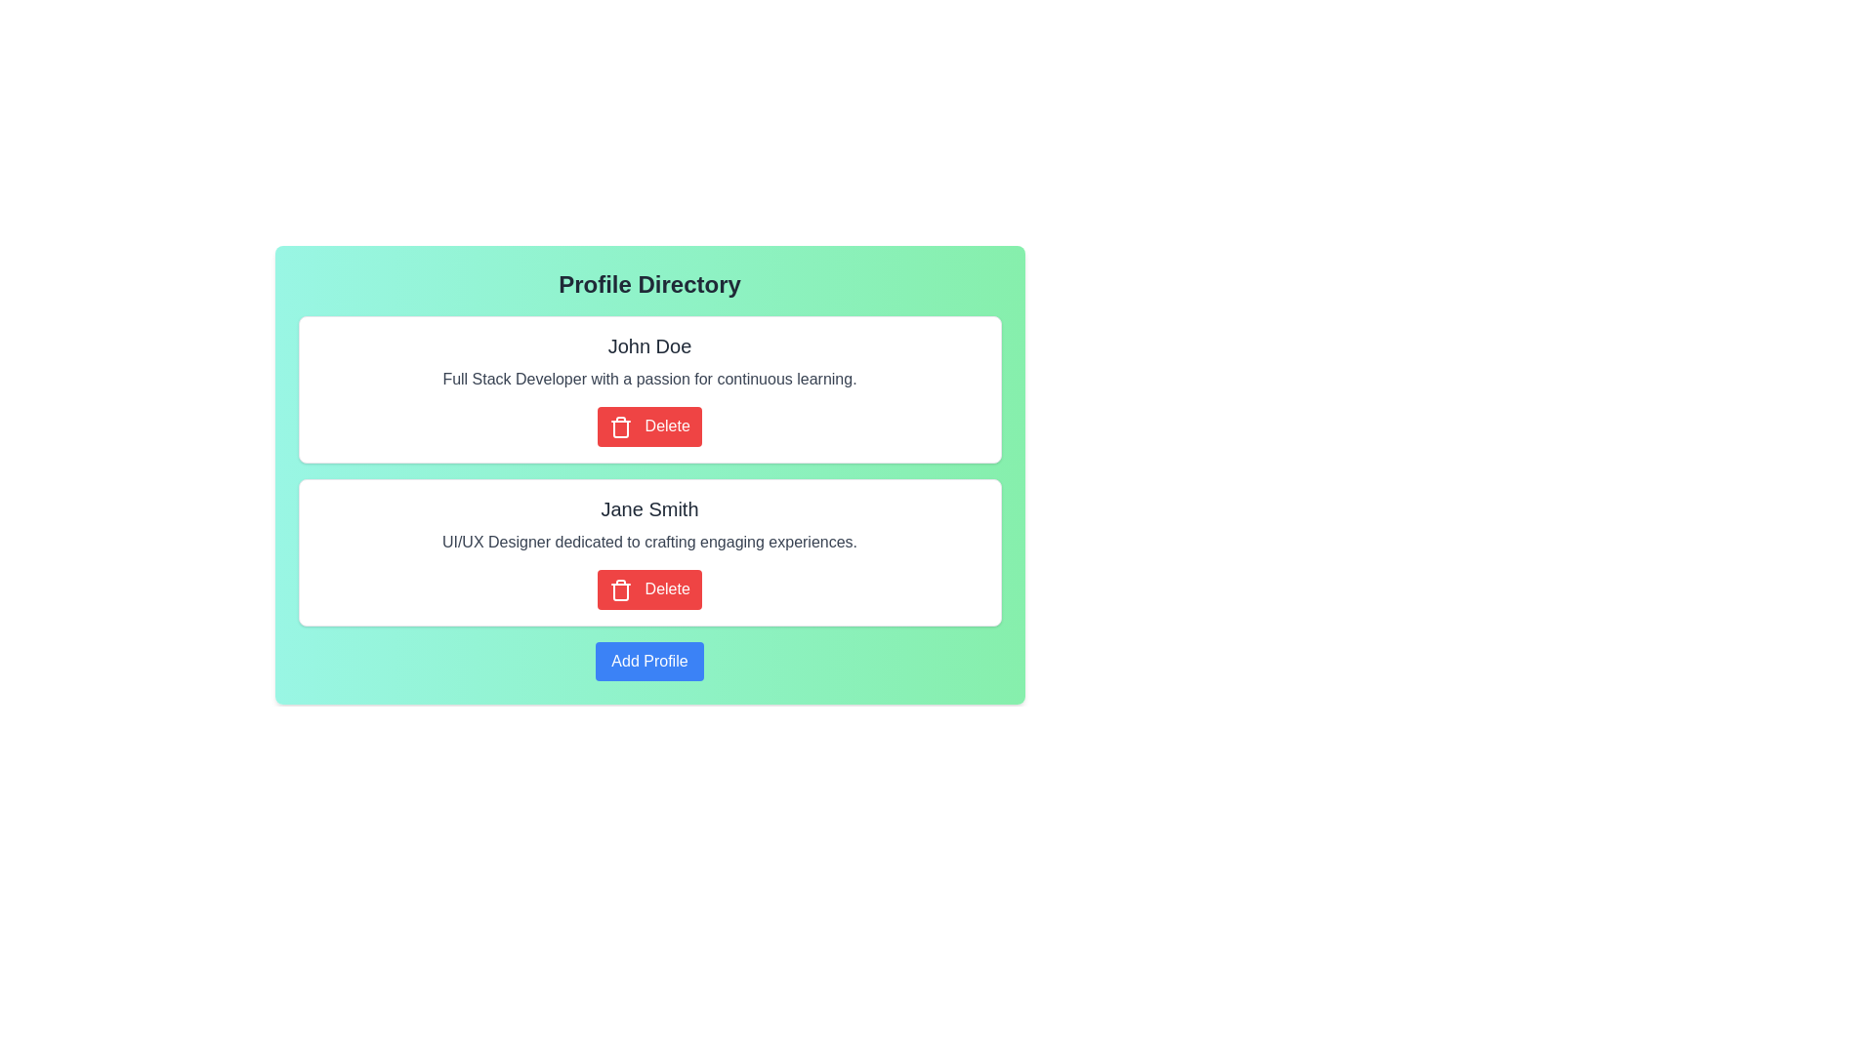 This screenshot has height=1054, width=1875. Describe the element at coordinates (649, 380) in the screenshot. I see `the text label displaying 'Full Stack Developer with a passion for continuous learning.' which is located within a white rectangular card below 'John Doe'` at that location.